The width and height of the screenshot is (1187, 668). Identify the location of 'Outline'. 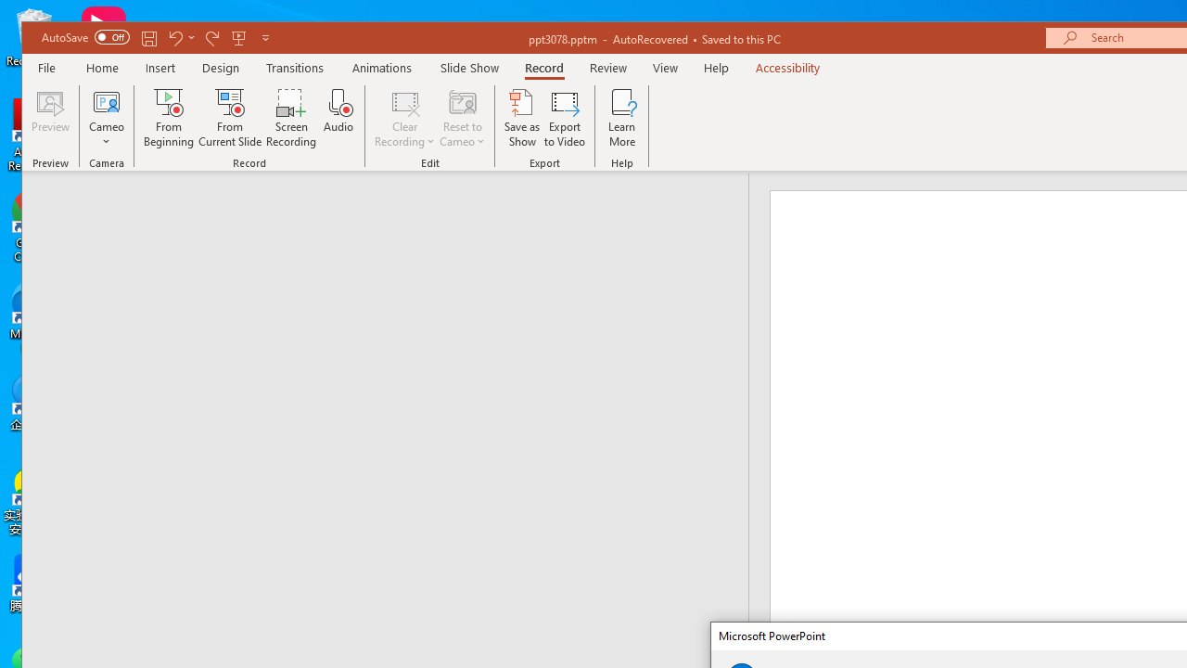
(392, 209).